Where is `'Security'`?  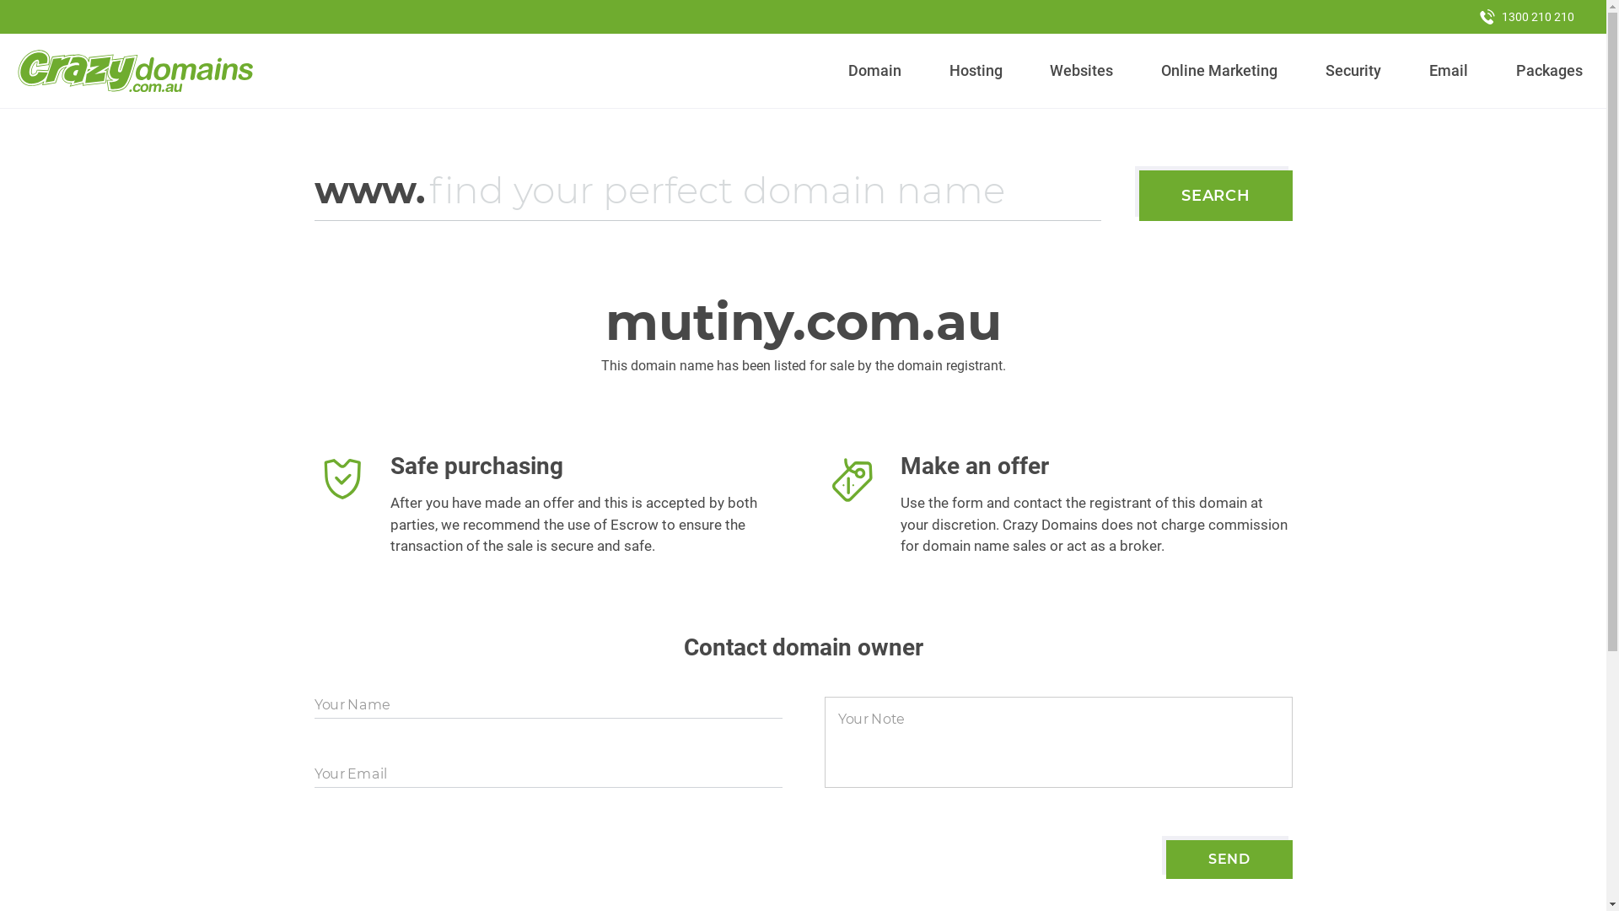
'Security' is located at coordinates (1353, 70).